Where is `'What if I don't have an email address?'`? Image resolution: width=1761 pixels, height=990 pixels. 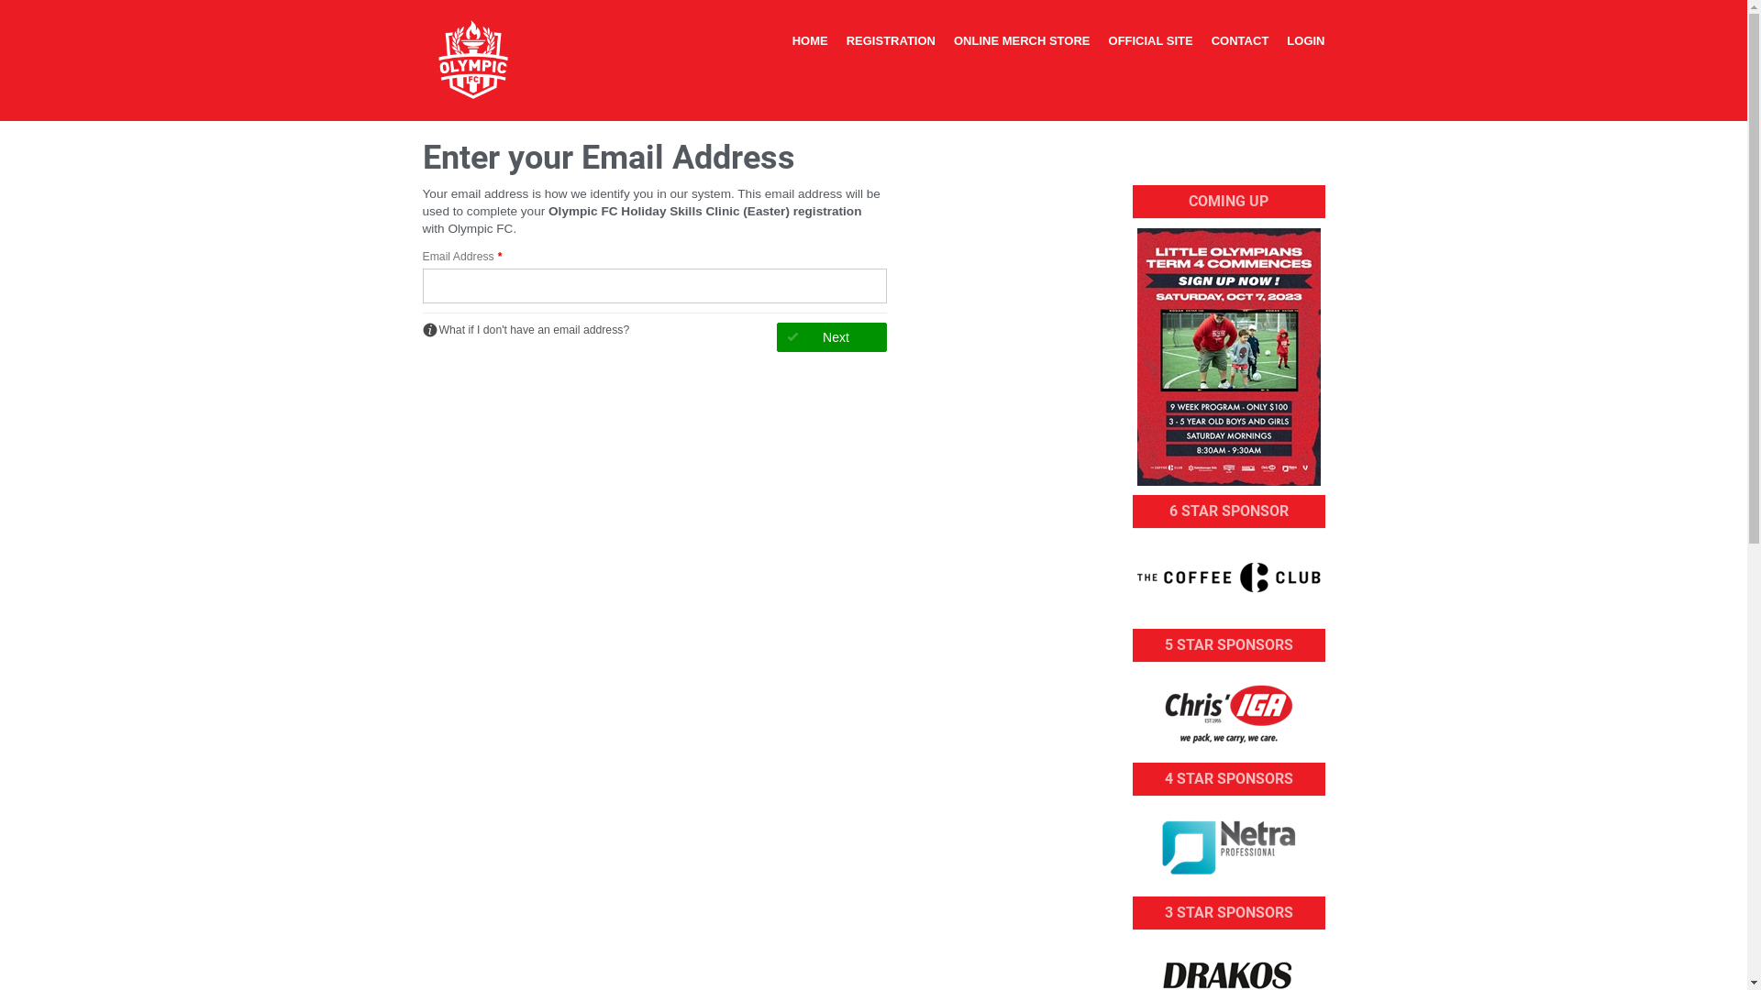
'What if I don't have an email address?' is located at coordinates (524, 328).